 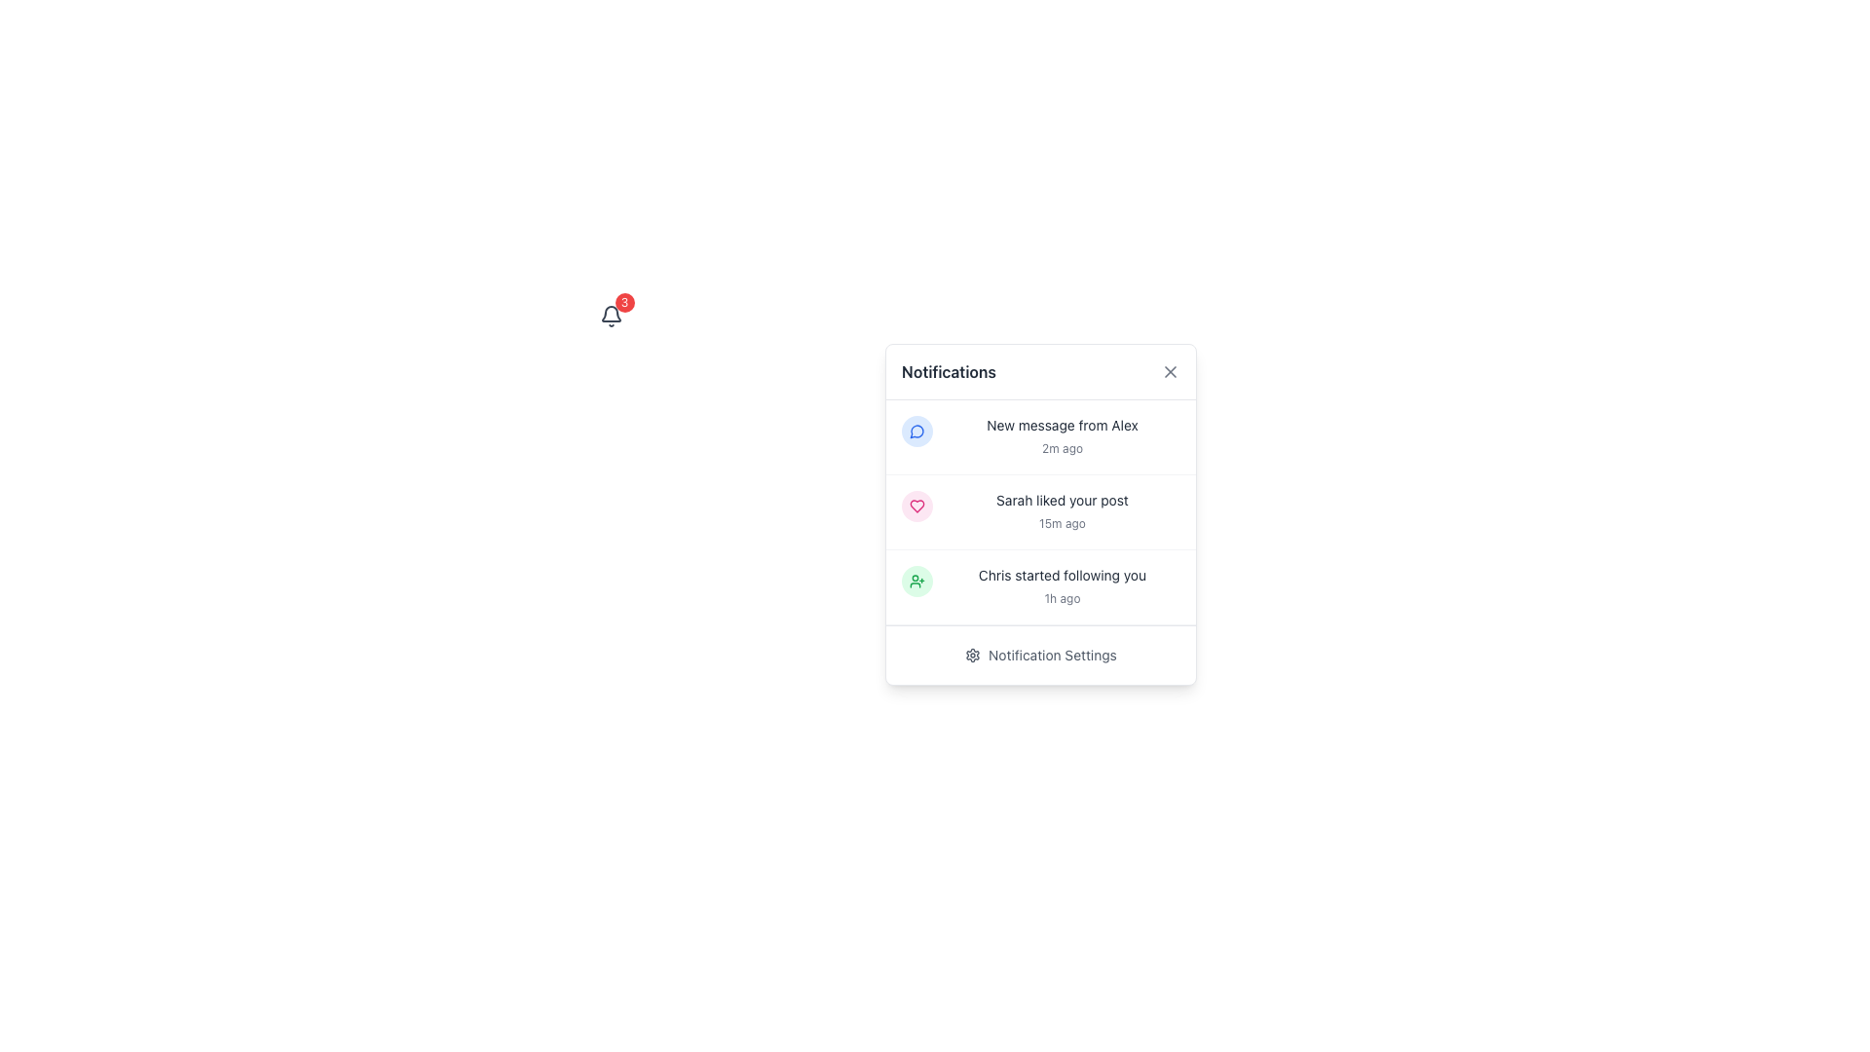 What do you see at coordinates (916, 506) in the screenshot?
I see `the small pink heart-shaped icon with a hollow center, styled with a thin stroke, located within a circular pink background in the top right quadrant of the interface` at bounding box center [916, 506].